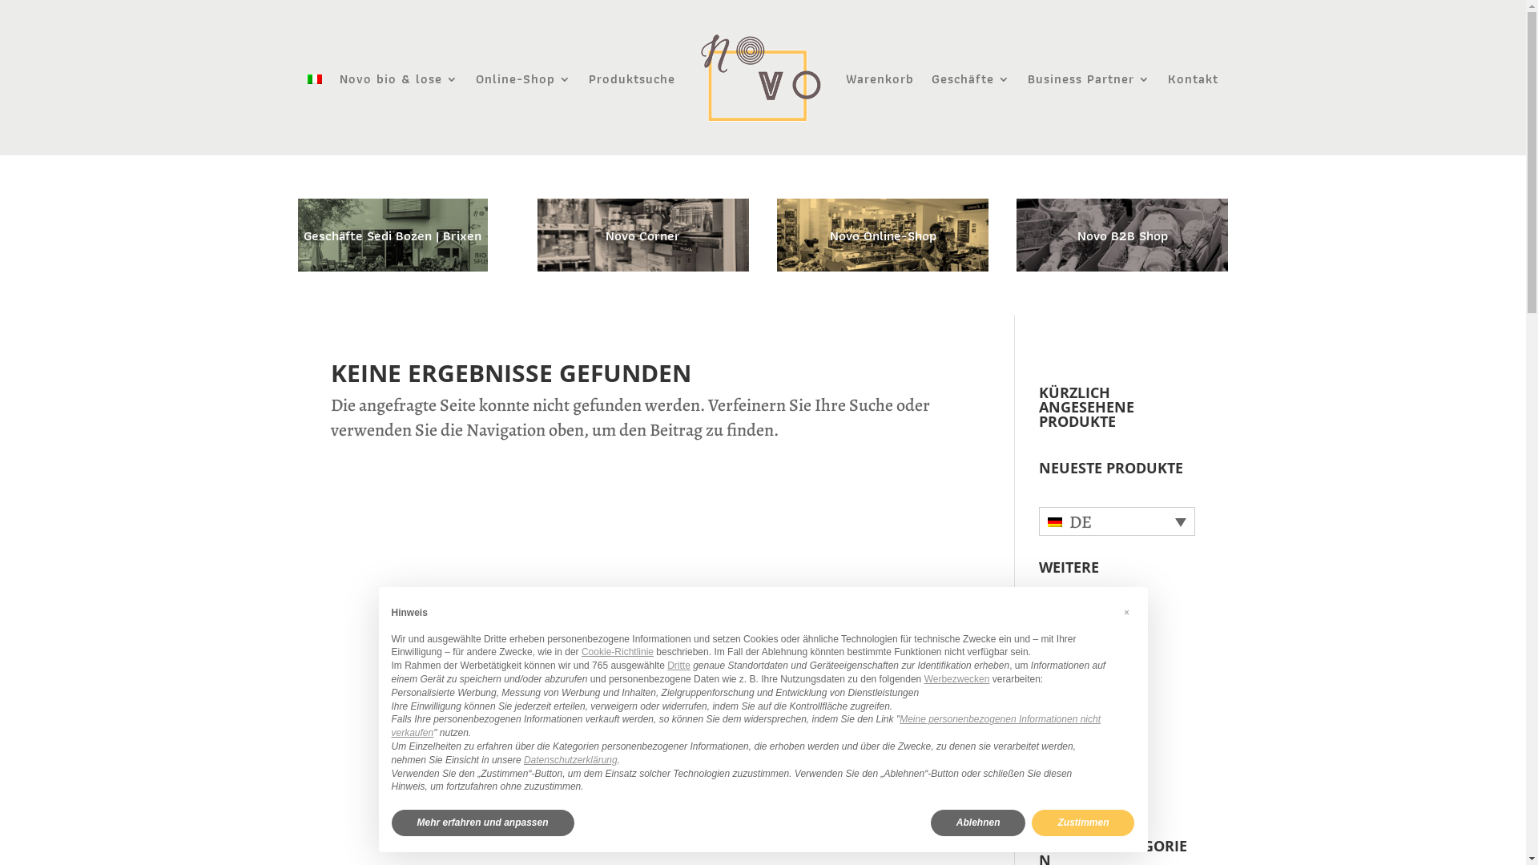  Describe the element at coordinates (977, 823) in the screenshot. I see `'Ablehnen'` at that location.